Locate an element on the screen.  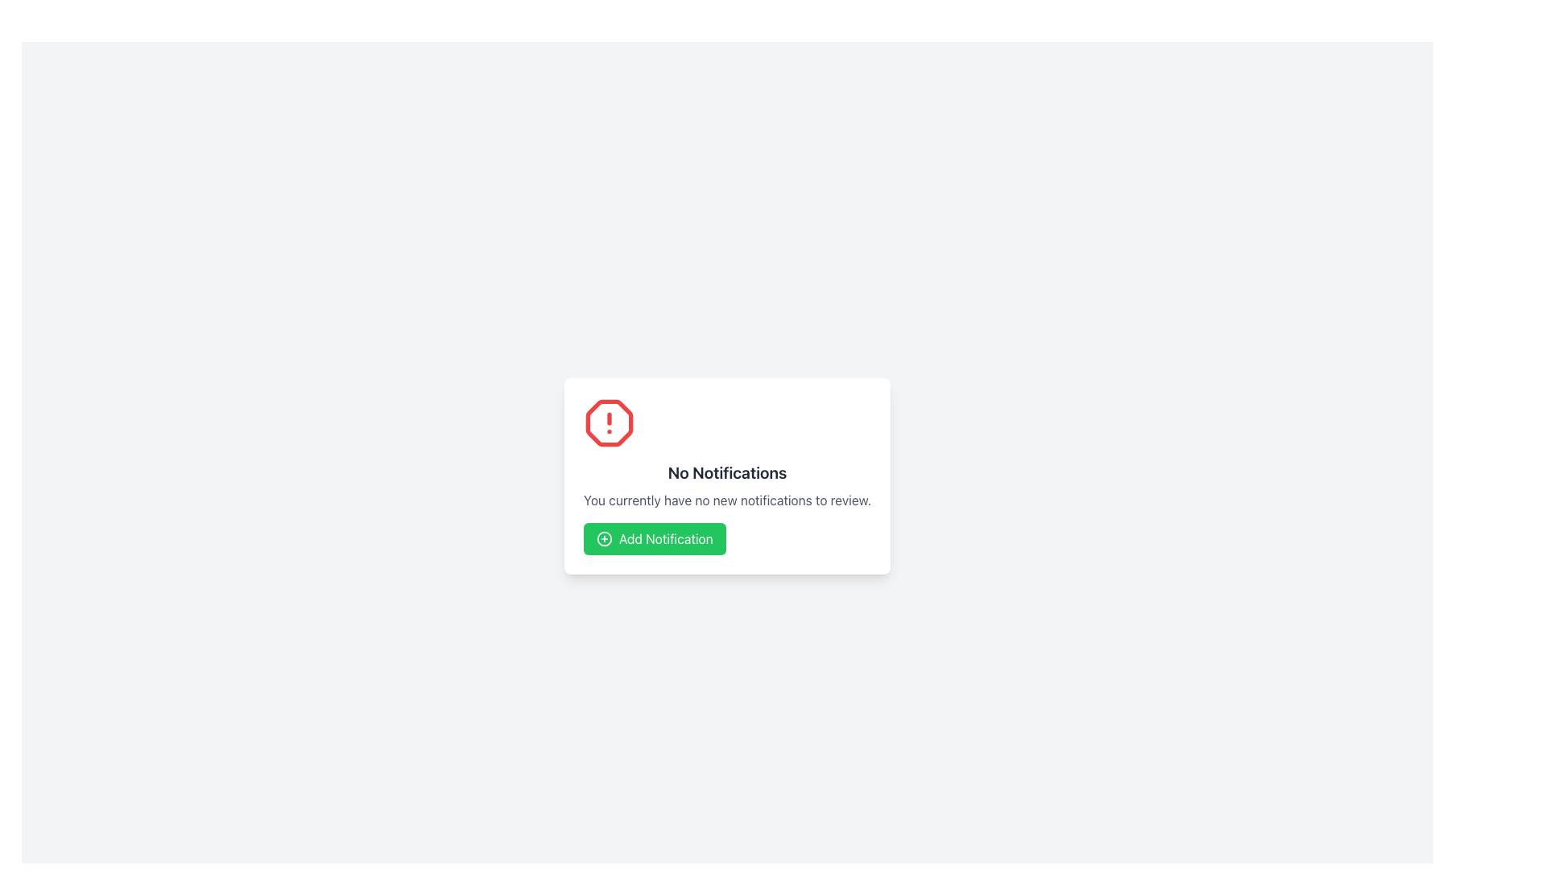
the warning icon indicating the absence of notifications located at the top of the notification card above the title 'No Notifications.' is located at coordinates (609, 422).